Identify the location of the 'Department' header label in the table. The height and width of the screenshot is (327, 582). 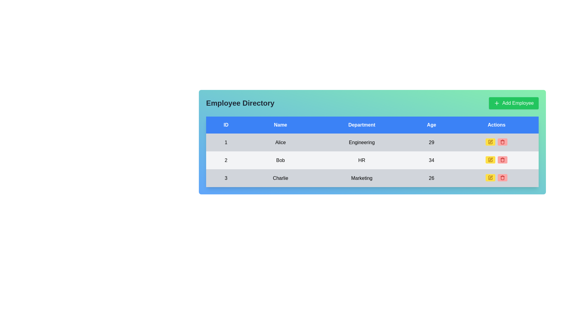
(362, 124).